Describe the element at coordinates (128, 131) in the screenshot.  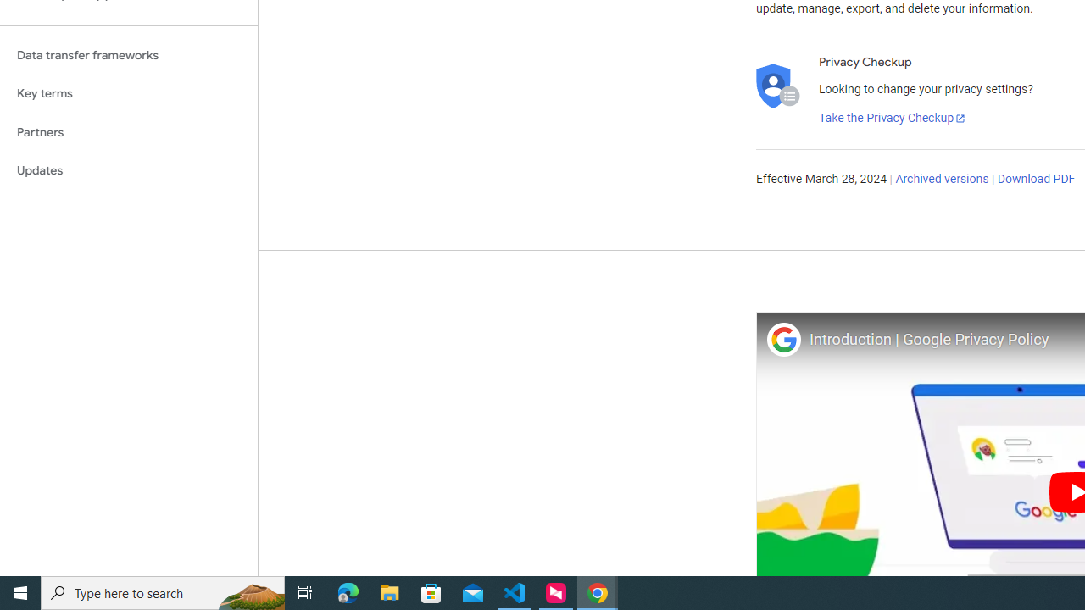
I see `'Partners'` at that location.